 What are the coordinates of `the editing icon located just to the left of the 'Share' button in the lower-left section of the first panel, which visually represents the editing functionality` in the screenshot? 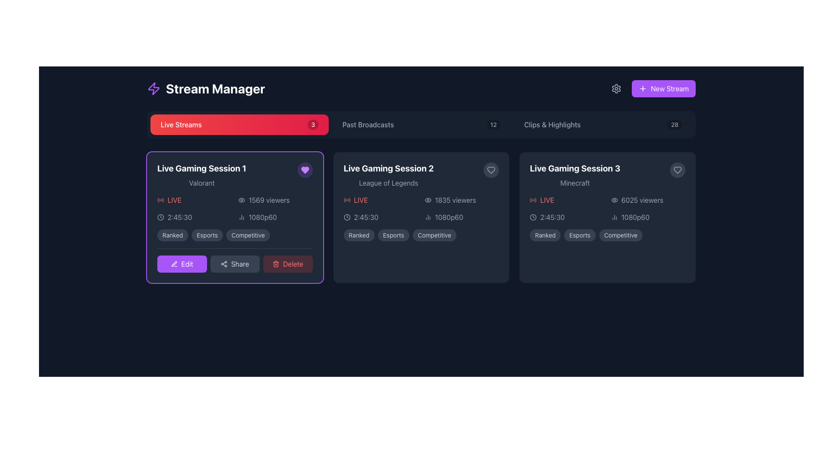 It's located at (174, 264).